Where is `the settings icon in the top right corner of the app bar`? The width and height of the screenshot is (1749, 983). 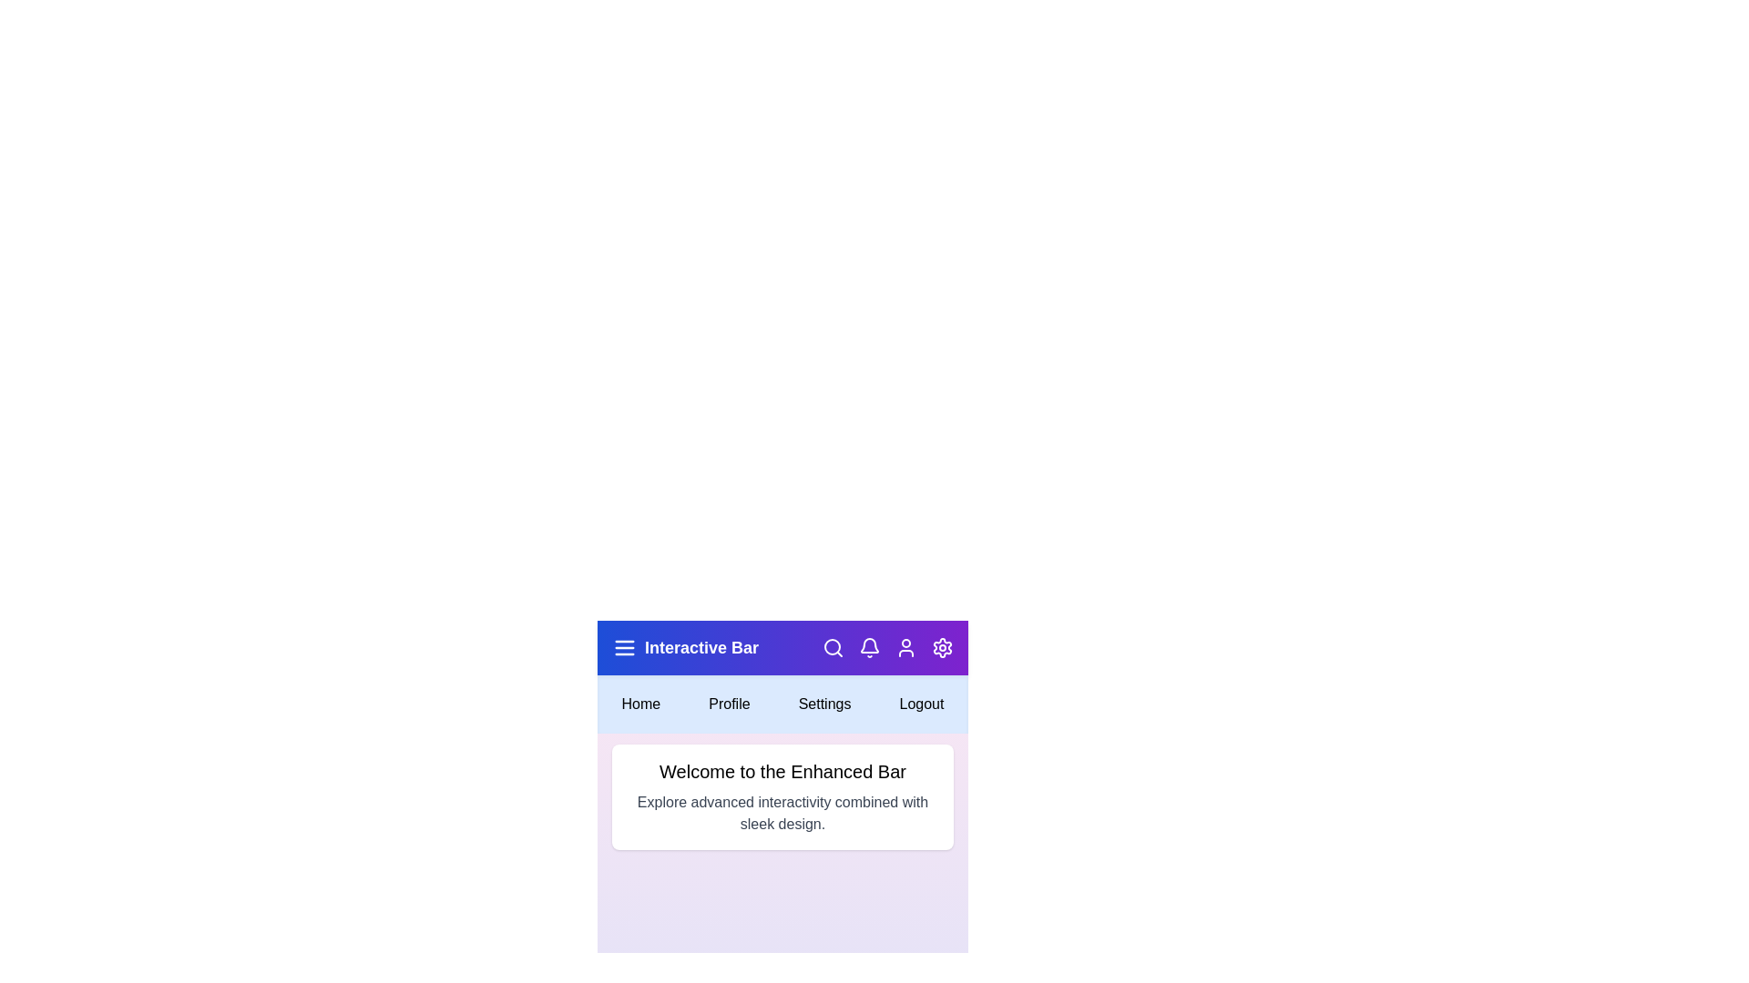 the settings icon in the top right corner of the app bar is located at coordinates (943, 647).